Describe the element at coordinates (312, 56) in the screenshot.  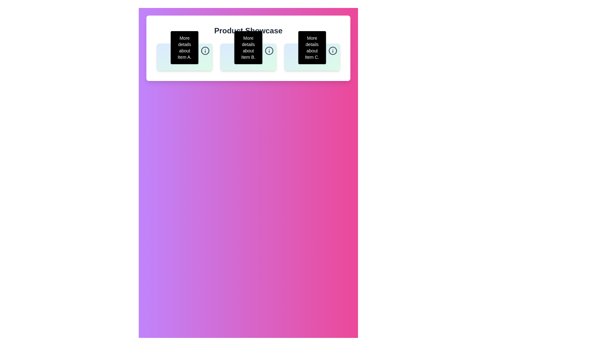
I see `the text label 'Item C' which is styled in a large bold font and appears grayish, located in the third panel above the descriptive text` at that location.